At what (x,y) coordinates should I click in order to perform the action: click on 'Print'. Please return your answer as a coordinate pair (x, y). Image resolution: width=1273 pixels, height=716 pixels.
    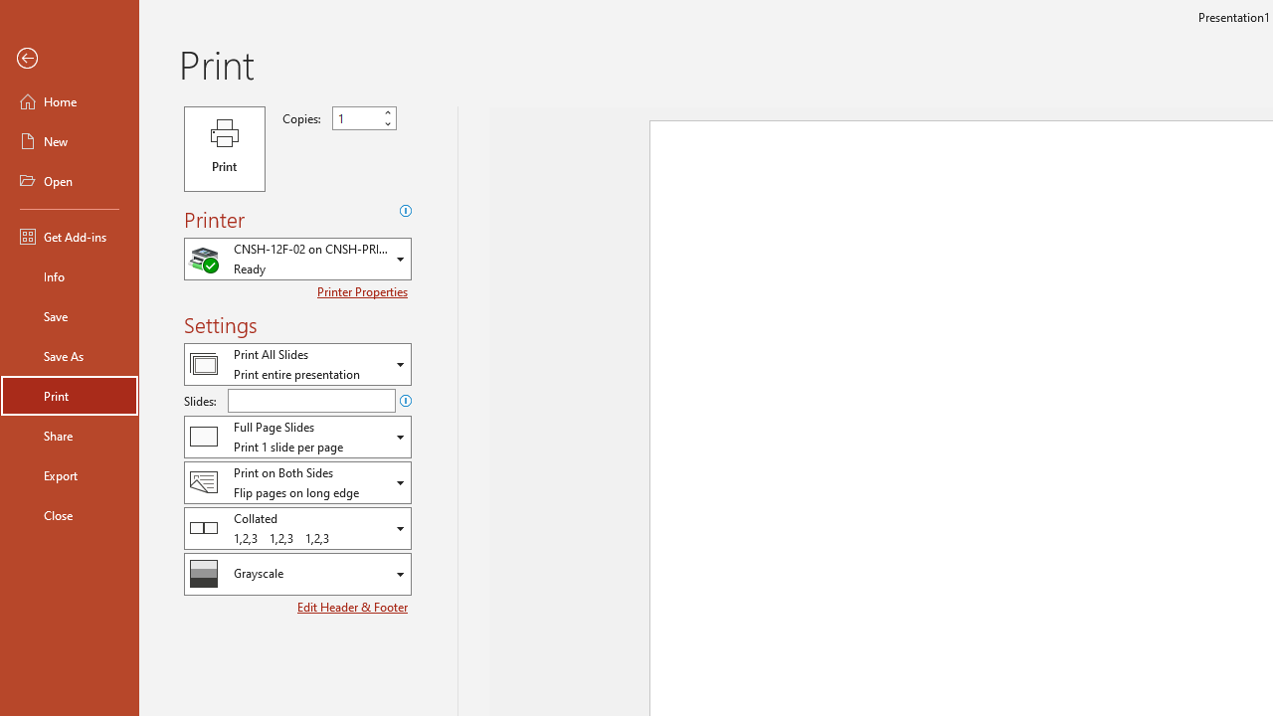
    Looking at the image, I should click on (69, 396).